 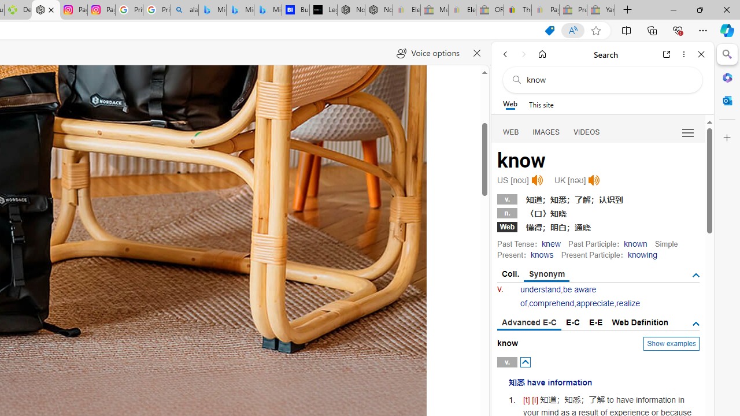 What do you see at coordinates (596, 322) in the screenshot?
I see `'E-E'` at bounding box center [596, 322].